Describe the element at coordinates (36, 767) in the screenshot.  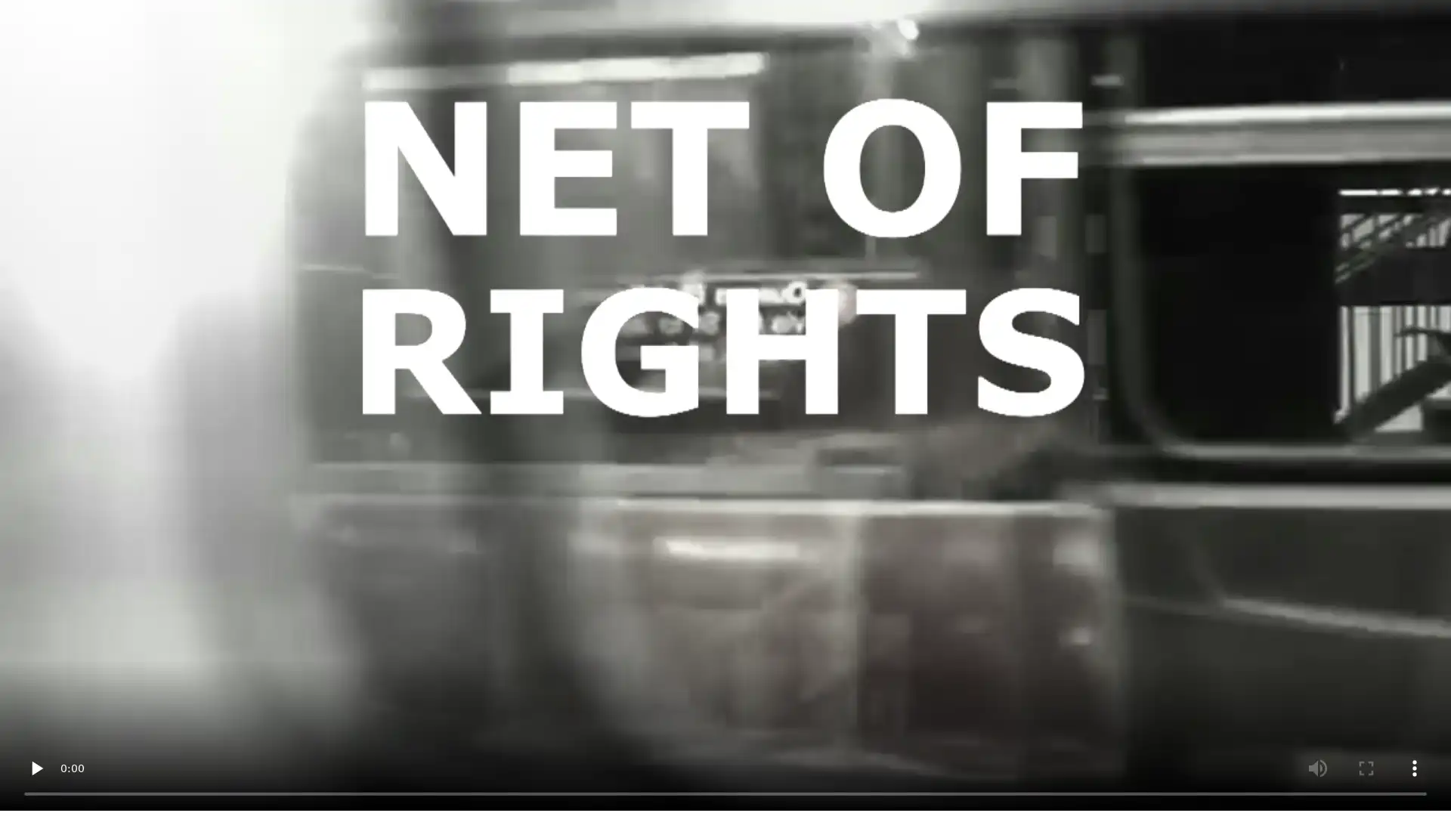
I see `play` at that location.